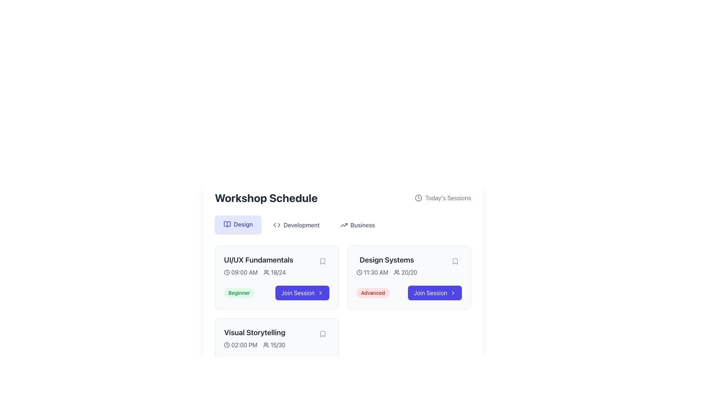 The height and width of the screenshot is (396, 705). Describe the element at coordinates (258, 266) in the screenshot. I see `the Informational text group titled 'UI/UX Fundamentals' which displays the time '09:00 AM' and participation details '18/24' for additional details` at that location.